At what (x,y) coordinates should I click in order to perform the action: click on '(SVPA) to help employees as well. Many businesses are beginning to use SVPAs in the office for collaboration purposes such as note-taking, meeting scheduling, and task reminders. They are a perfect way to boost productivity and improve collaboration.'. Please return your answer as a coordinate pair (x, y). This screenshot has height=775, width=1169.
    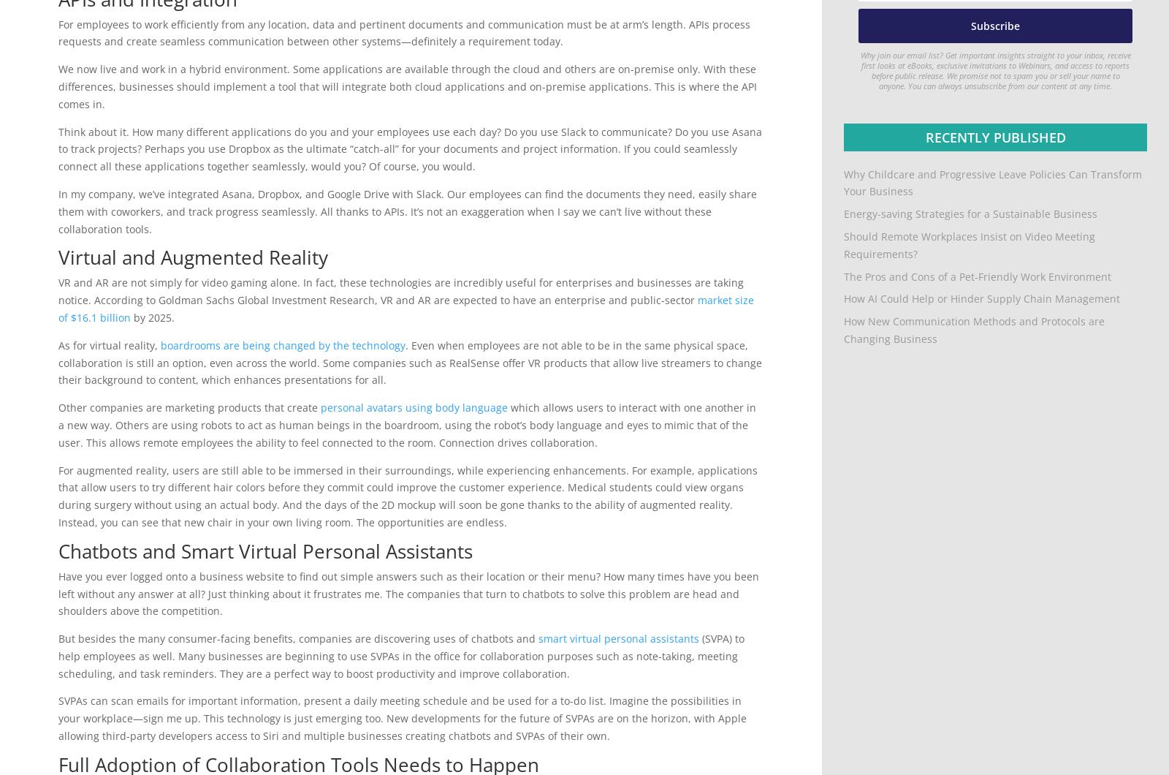
    Looking at the image, I should click on (400, 655).